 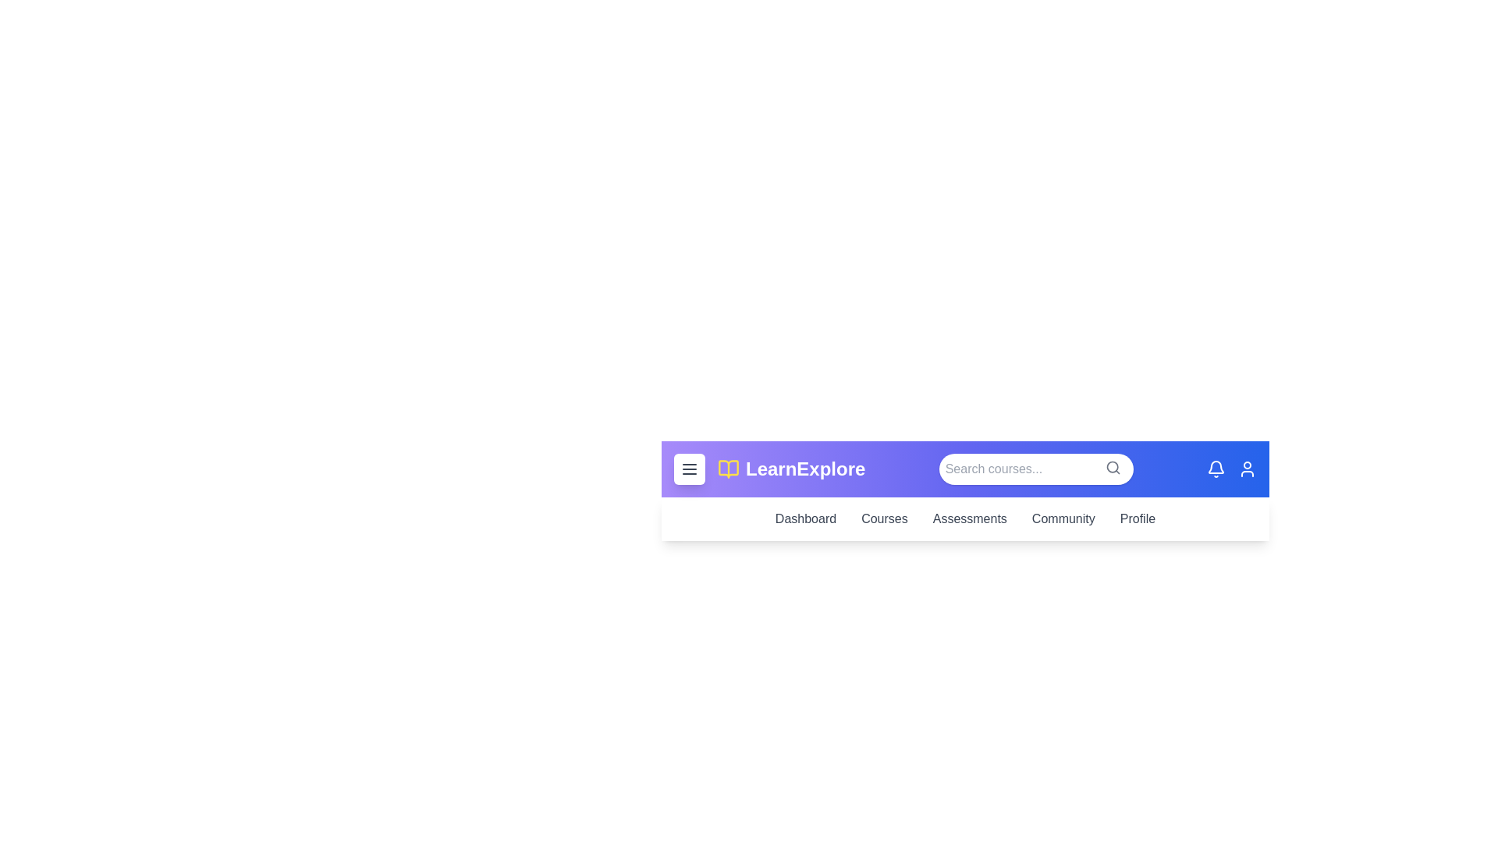 What do you see at coordinates (883, 519) in the screenshot?
I see `the navigation link 'Courses' to observe its hover effect` at bounding box center [883, 519].